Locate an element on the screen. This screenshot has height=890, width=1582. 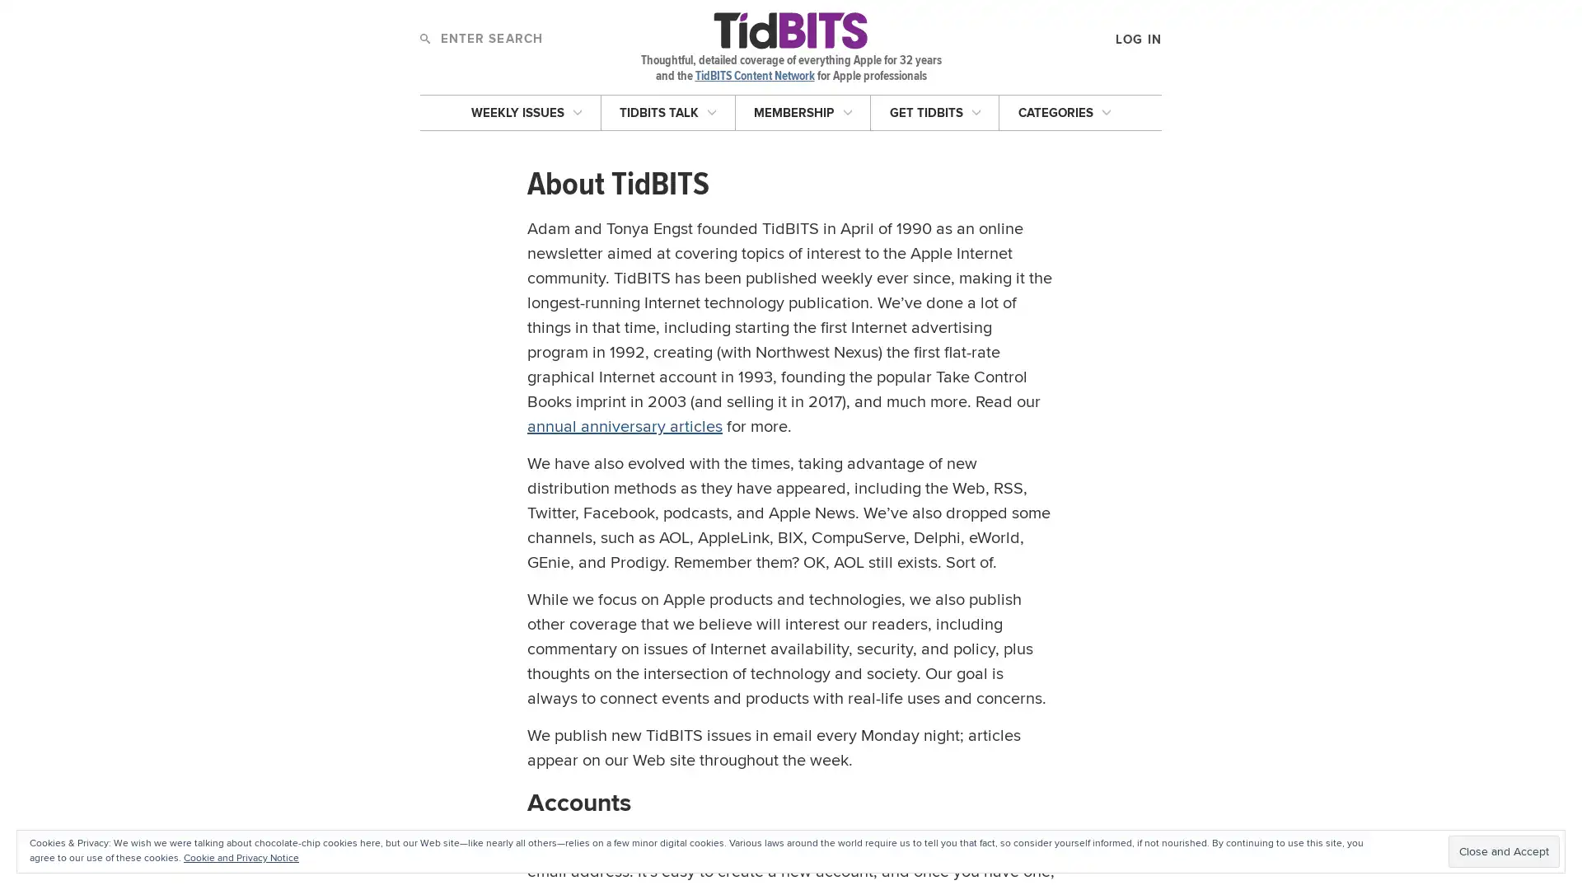
MEMBERSHIP is located at coordinates (803, 111).